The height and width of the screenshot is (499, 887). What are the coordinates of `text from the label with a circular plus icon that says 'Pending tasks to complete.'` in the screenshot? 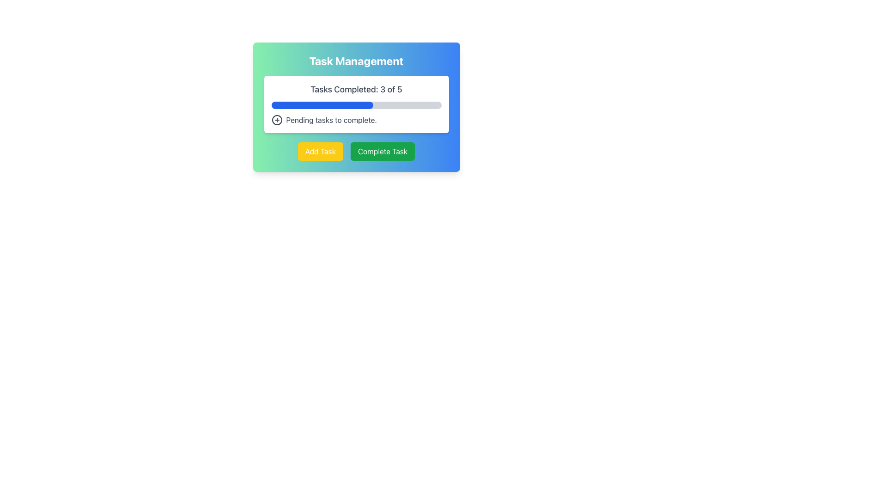 It's located at (356, 119).